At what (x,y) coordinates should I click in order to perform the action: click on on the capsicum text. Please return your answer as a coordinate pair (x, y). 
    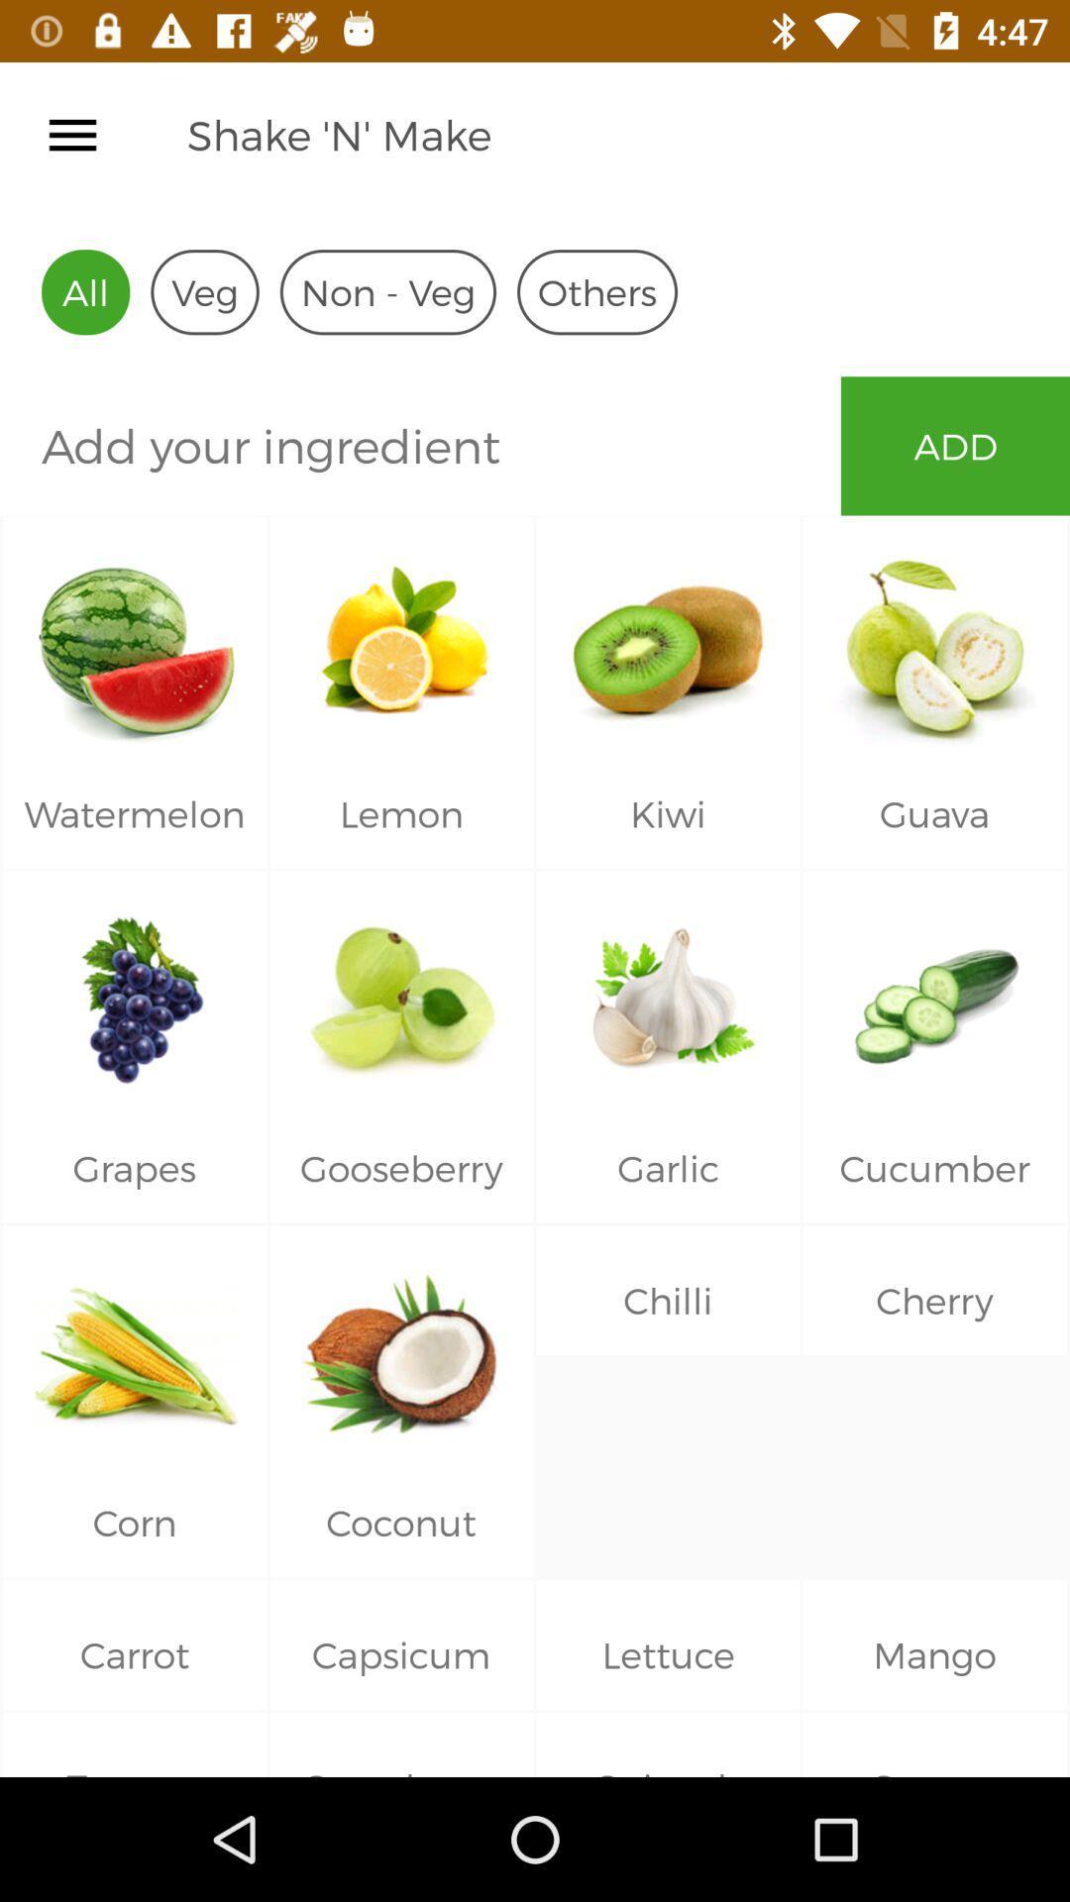
    Looking at the image, I should click on (401, 1677).